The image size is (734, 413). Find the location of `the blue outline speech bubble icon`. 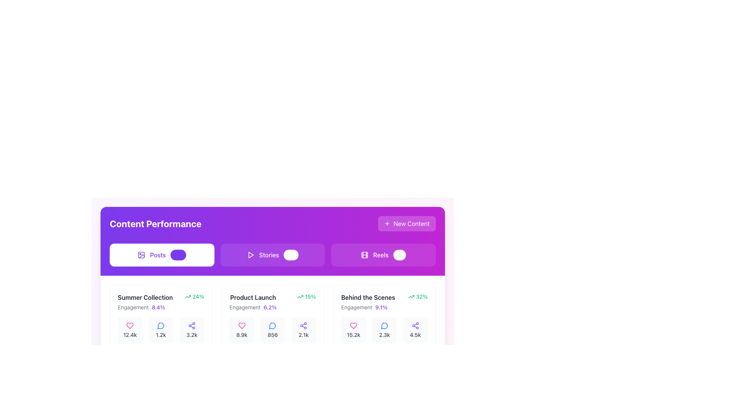

the blue outline speech bubble icon is located at coordinates (384, 326).